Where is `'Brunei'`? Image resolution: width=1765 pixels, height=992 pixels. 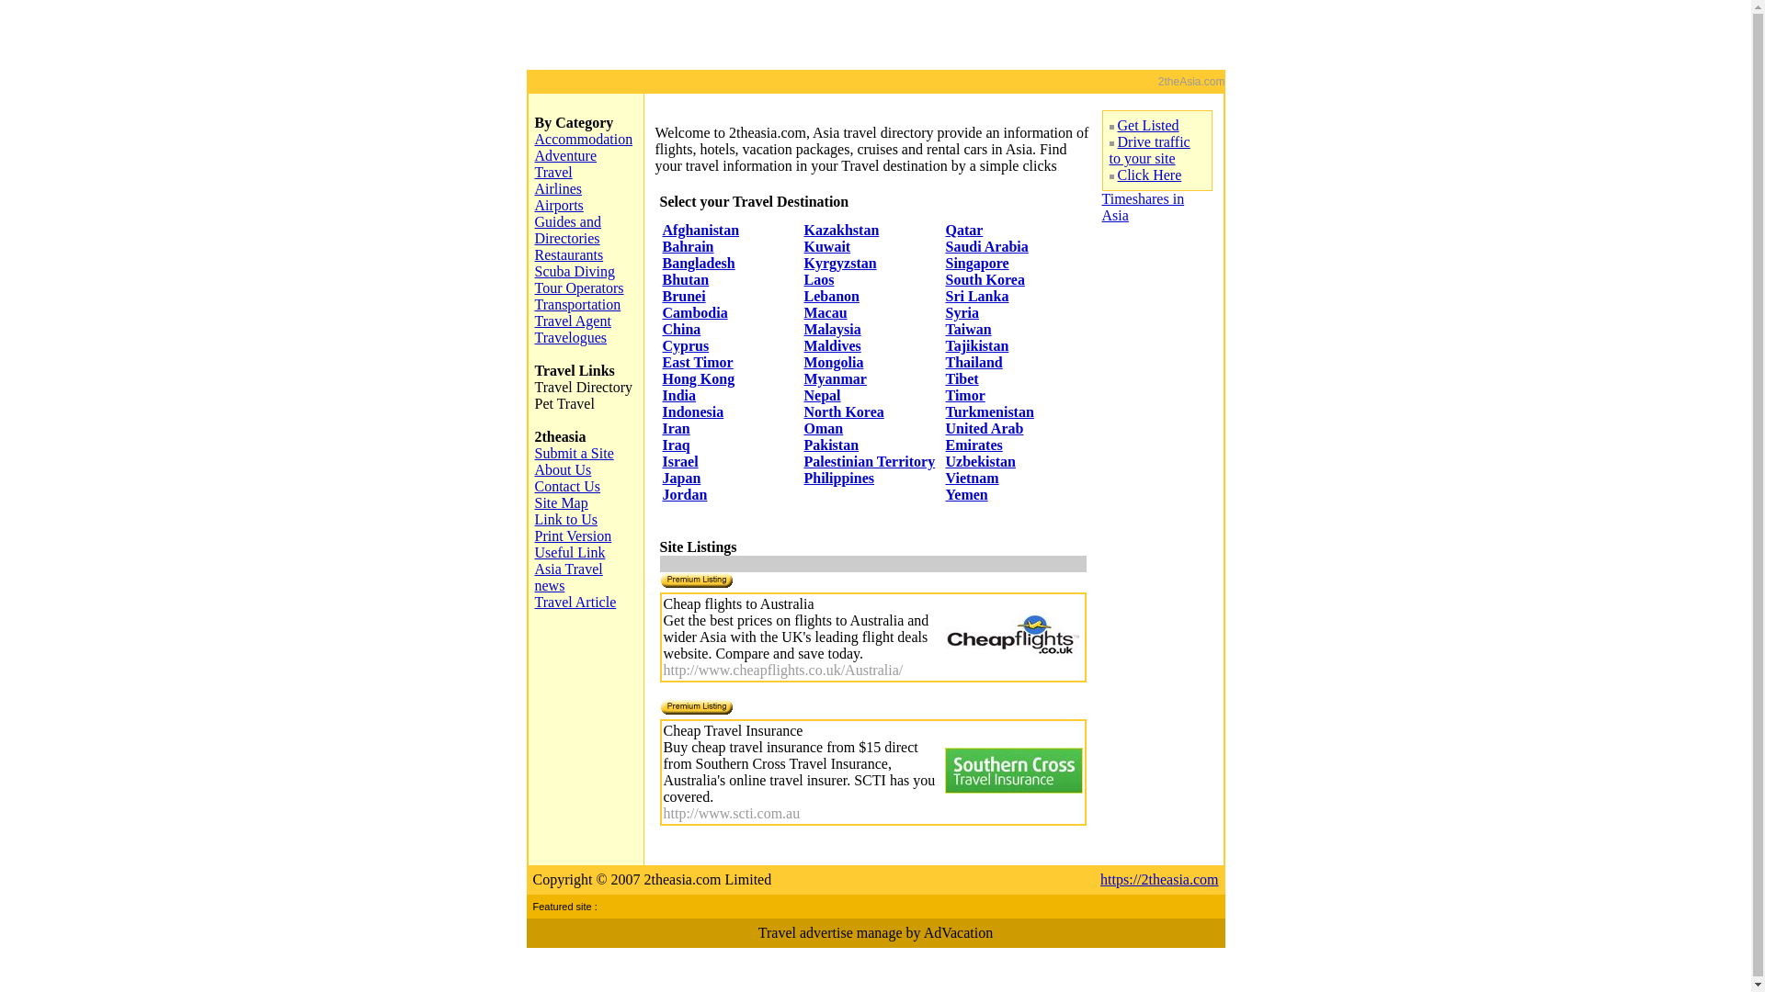 'Brunei' is located at coordinates (682, 295).